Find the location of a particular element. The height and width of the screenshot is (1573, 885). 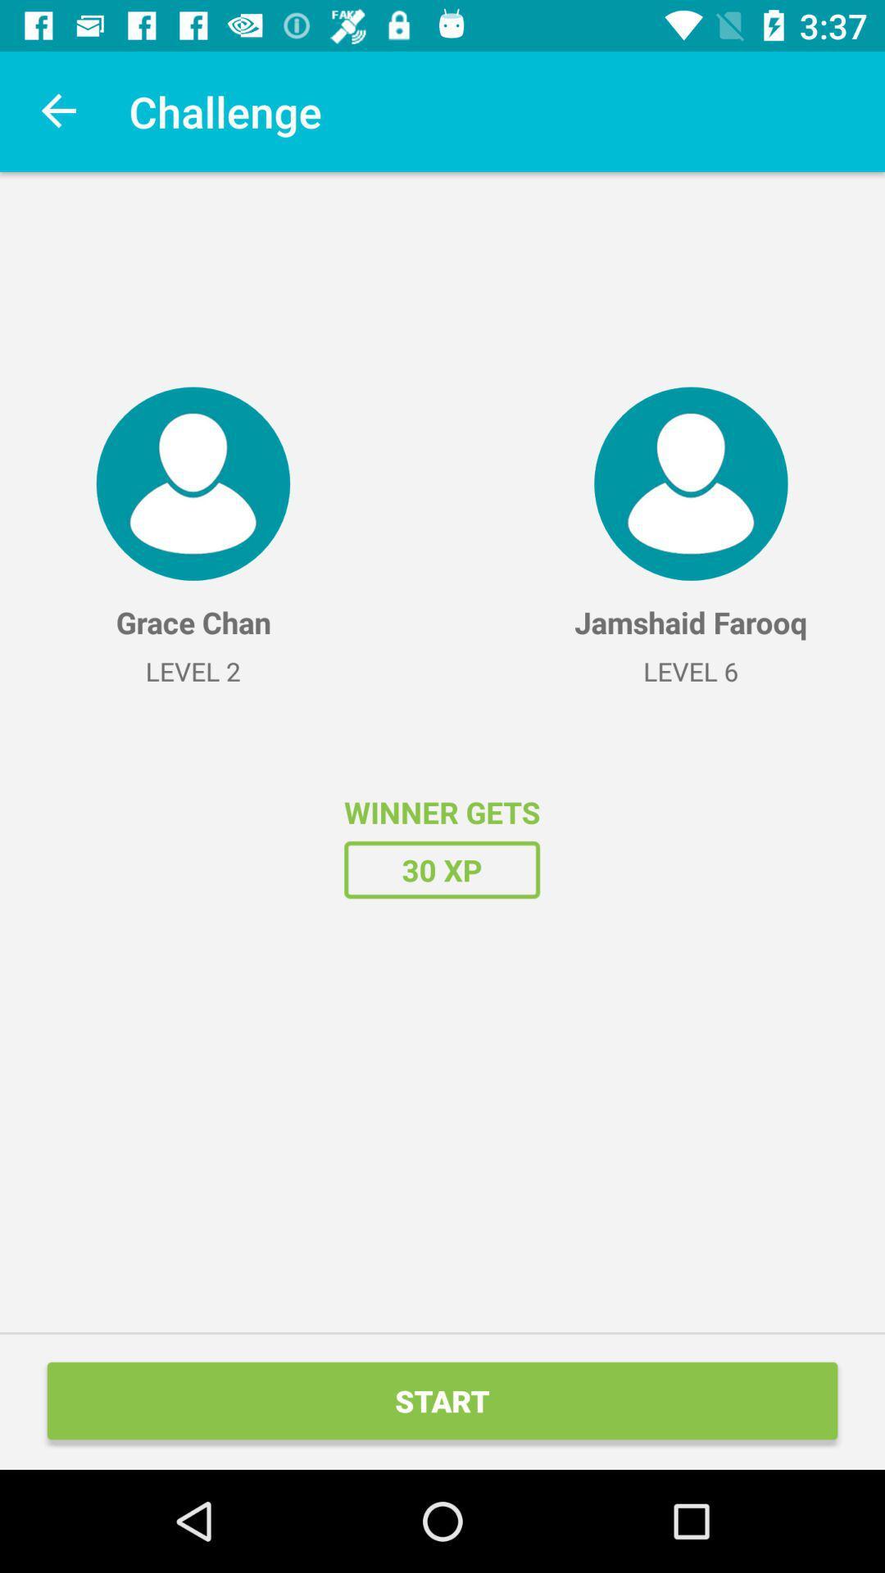

profile is located at coordinates (192, 483).